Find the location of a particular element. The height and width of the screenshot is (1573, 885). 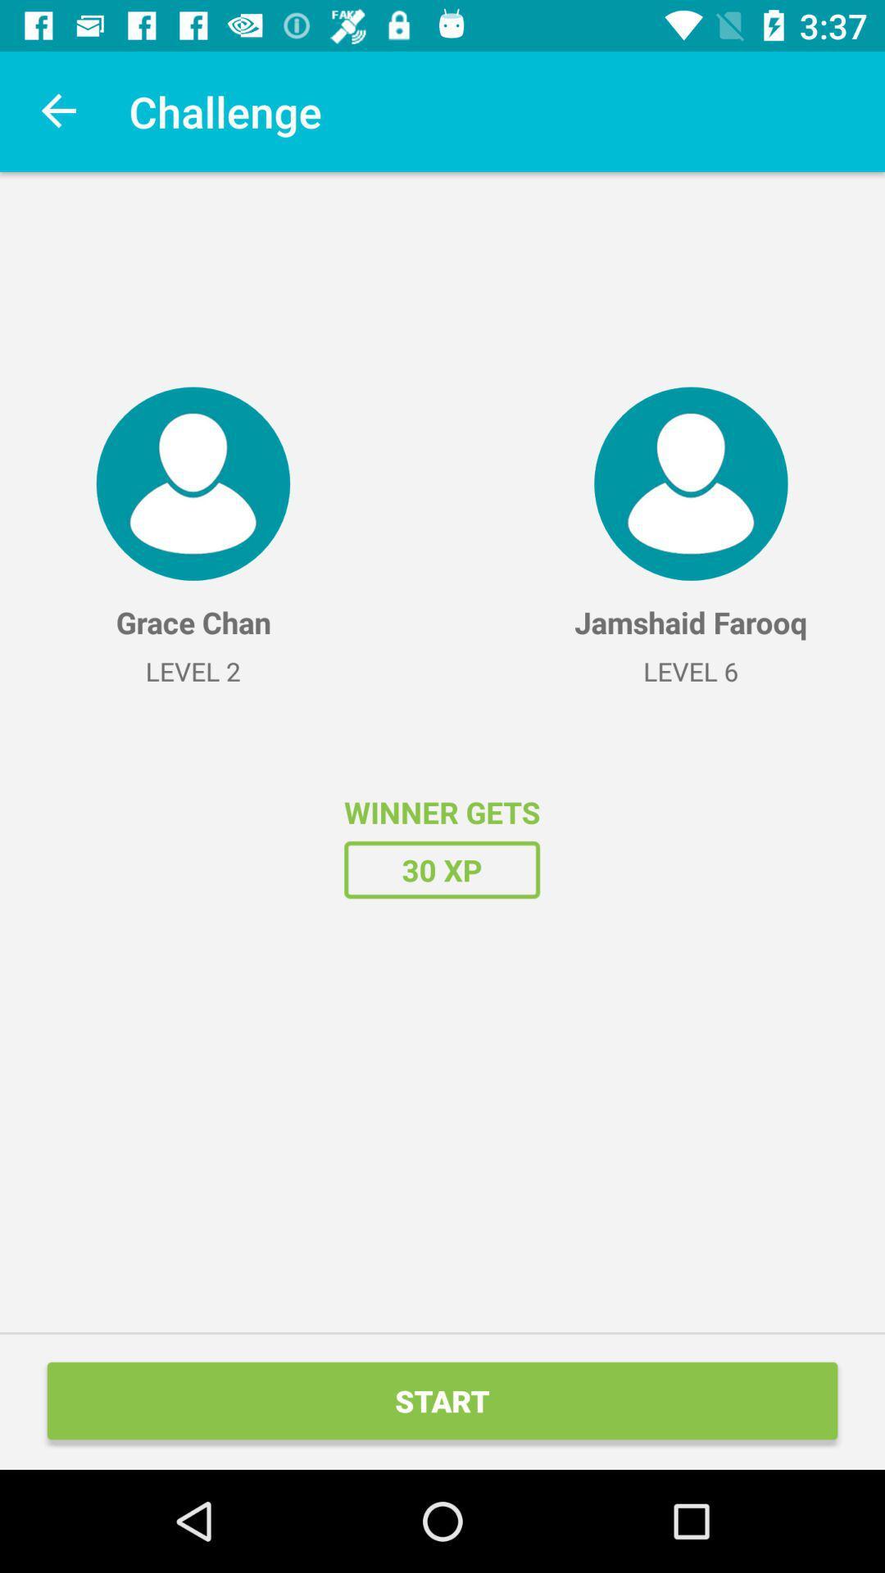

profile is located at coordinates (192, 483).